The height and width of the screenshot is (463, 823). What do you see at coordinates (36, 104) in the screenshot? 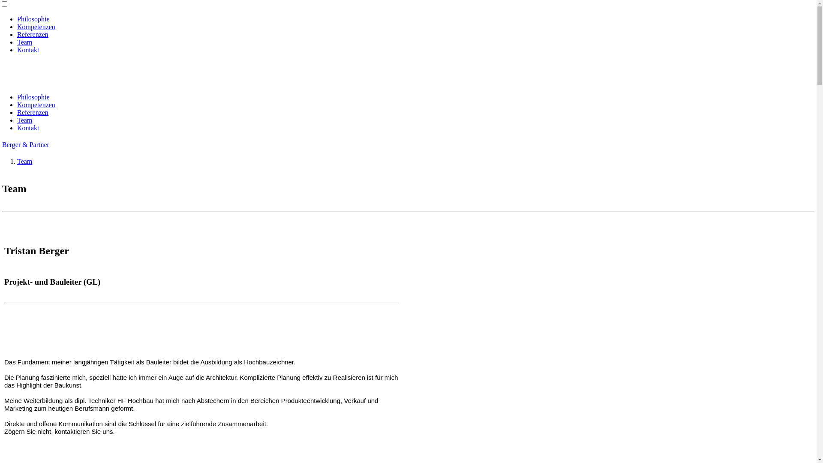
I see `'Kompetenzen'` at bounding box center [36, 104].